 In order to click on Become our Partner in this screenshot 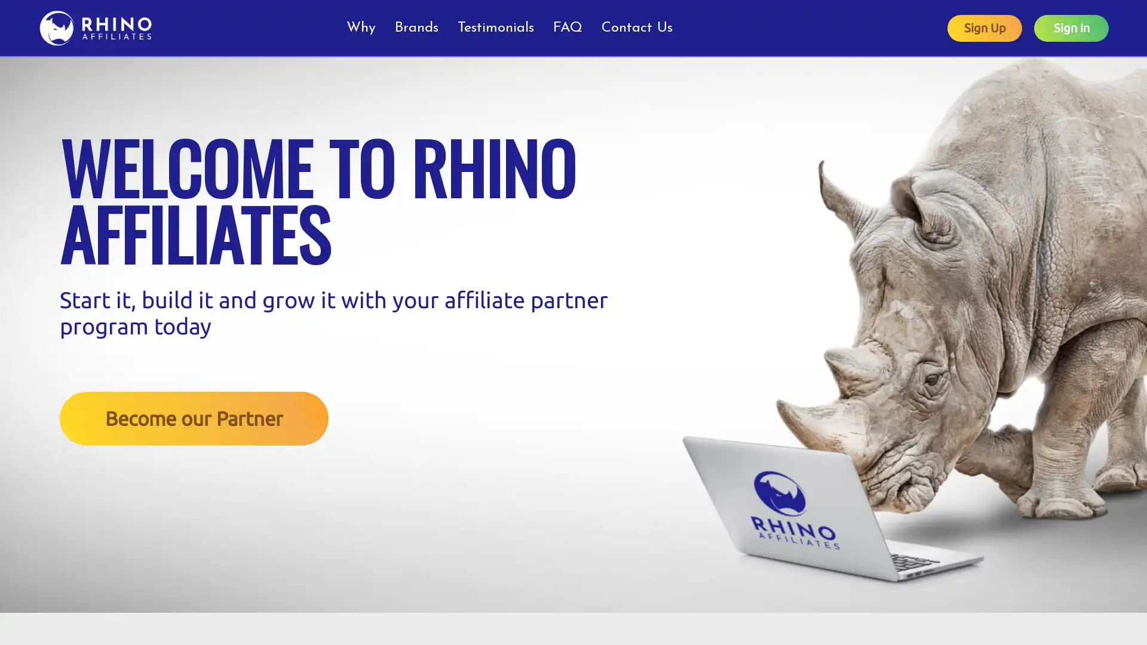, I will do `click(194, 417)`.